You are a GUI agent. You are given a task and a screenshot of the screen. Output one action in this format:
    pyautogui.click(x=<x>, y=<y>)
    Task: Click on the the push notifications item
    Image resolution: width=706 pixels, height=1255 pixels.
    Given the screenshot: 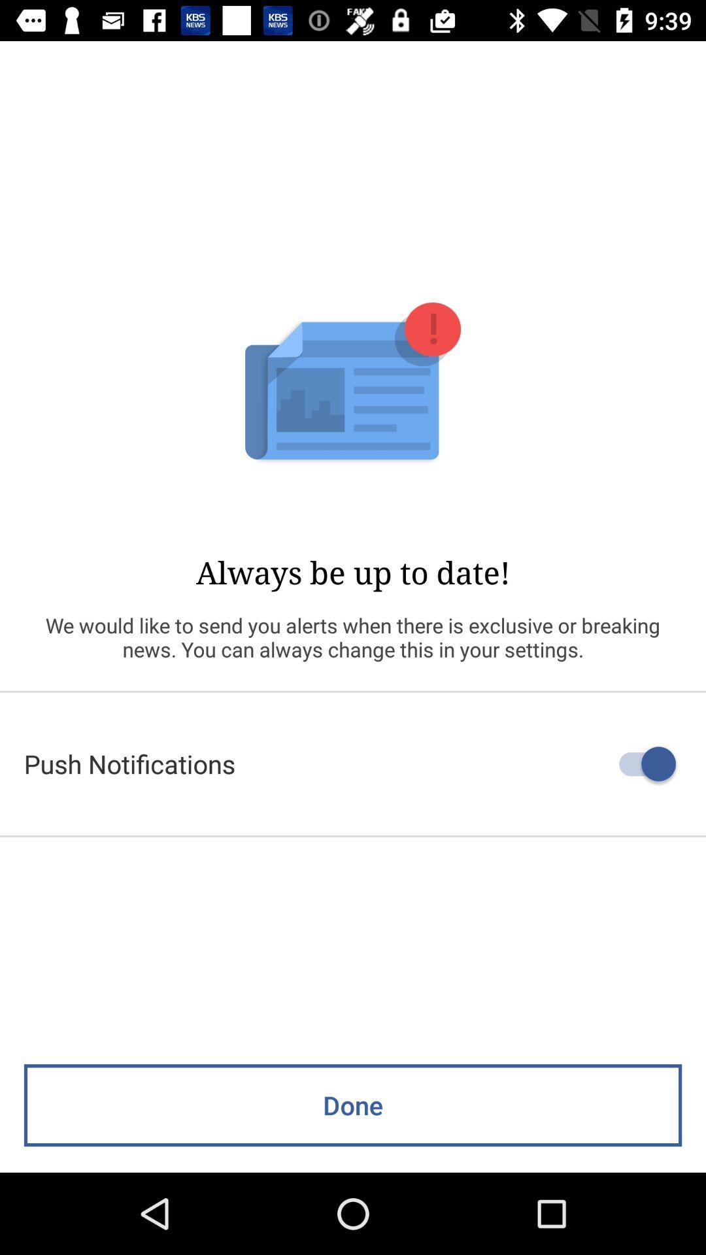 What is the action you would take?
    pyautogui.click(x=353, y=763)
    